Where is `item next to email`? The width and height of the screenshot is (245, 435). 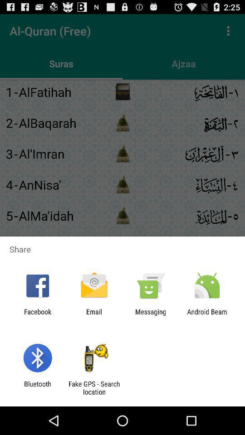
item next to email is located at coordinates (151, 315).